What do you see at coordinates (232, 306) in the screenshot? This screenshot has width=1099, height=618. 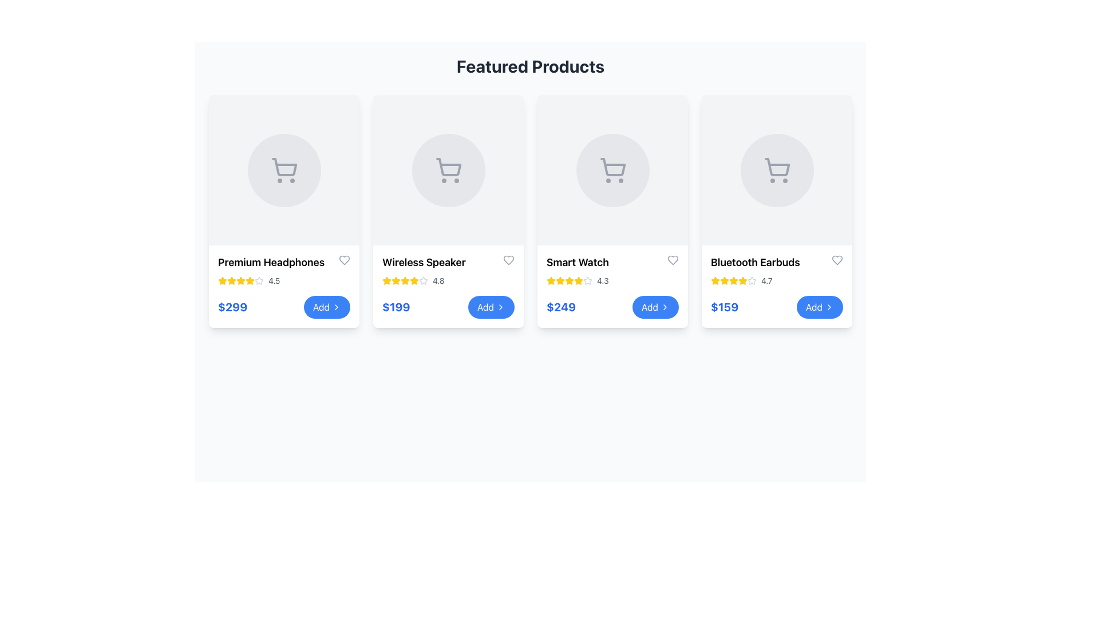 I see `the price label displaying '$299' for the 'Premium Headphones' product, located in the bottom-left corner of the card` at bounding box center [232, 306].